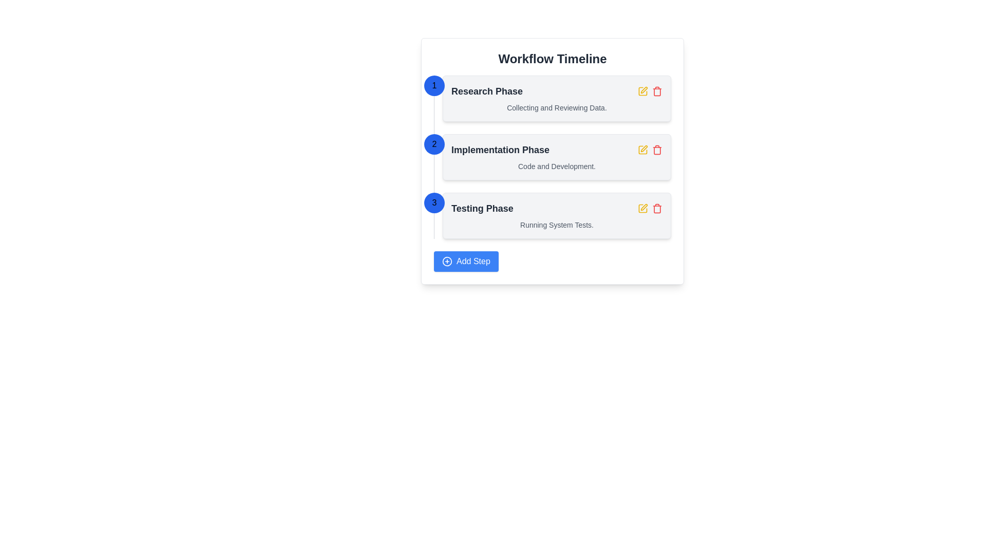 This screenshot has width=986, height=555. I want to click on the trash bin icon located in the top-right corner of the 'Implementation Phase' control panel, so click(650, 150).